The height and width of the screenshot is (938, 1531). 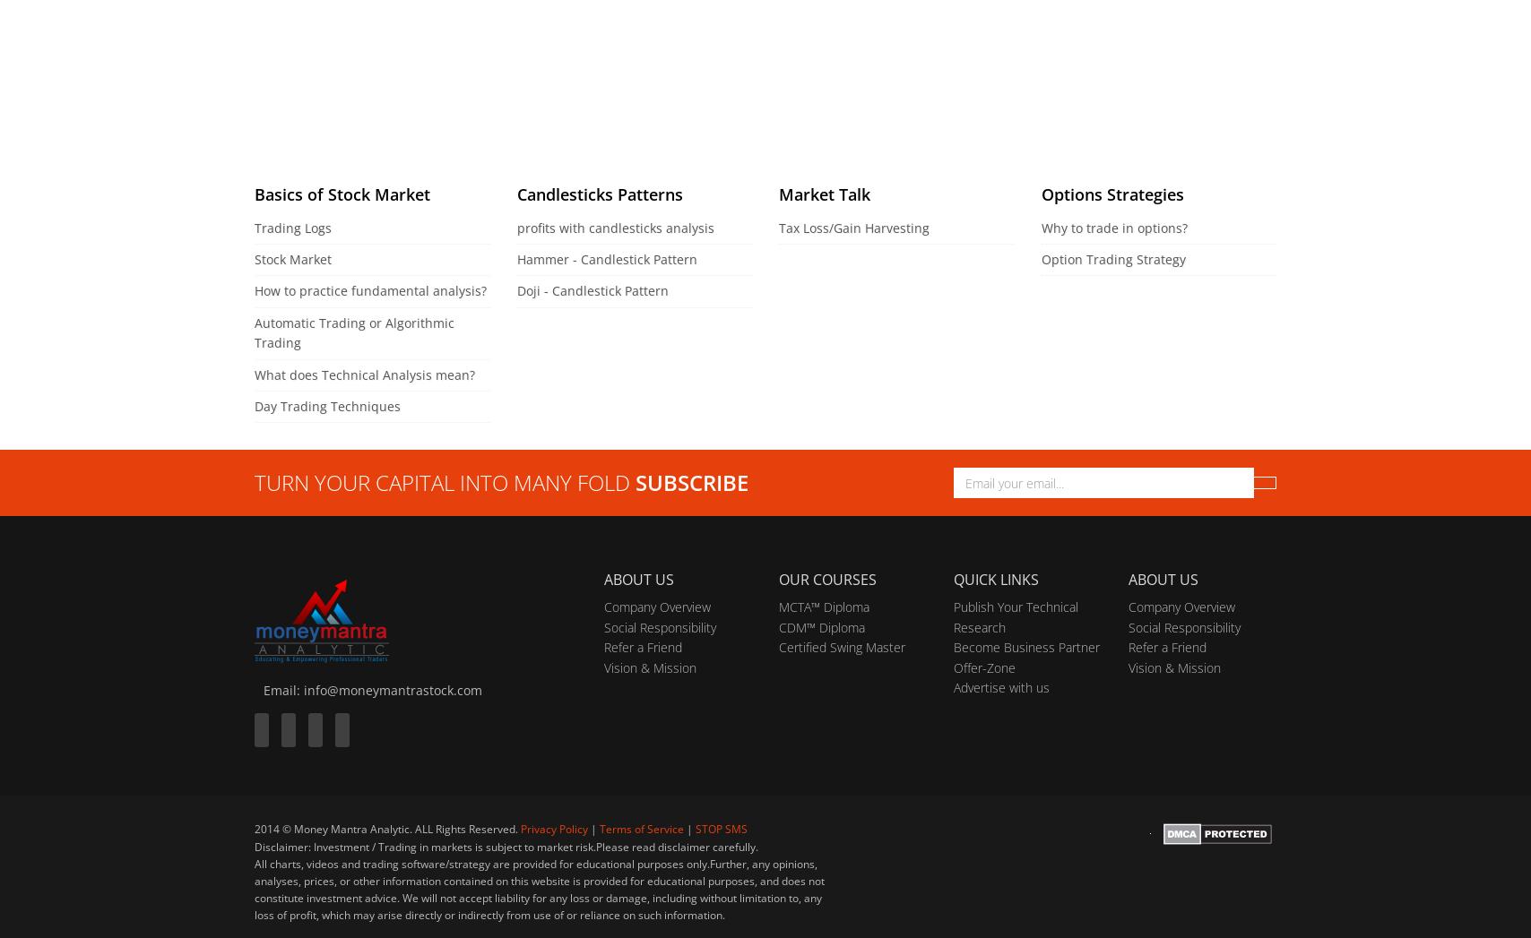 What do you see at coordinates (263, 689) in the screenshot?
I see `'Email: info@moneymantrastock.com'` at bounding box center [263, 689].